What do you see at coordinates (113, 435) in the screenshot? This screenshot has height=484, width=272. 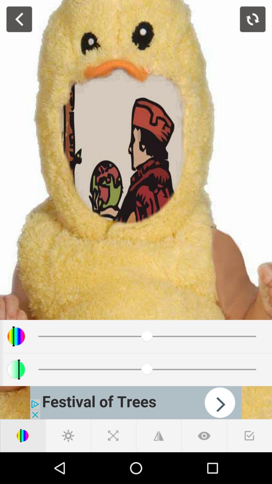 I see `the fullscreen icon` at bounding box center [113, 435].